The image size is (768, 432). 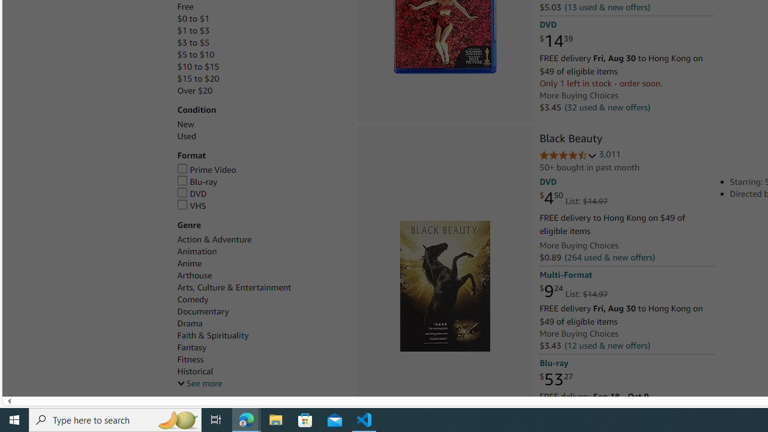 What do you see at coordinates (260, 239) in the screenshot?
I see `'Action & Adventure'` at bounding box center [260, 239].